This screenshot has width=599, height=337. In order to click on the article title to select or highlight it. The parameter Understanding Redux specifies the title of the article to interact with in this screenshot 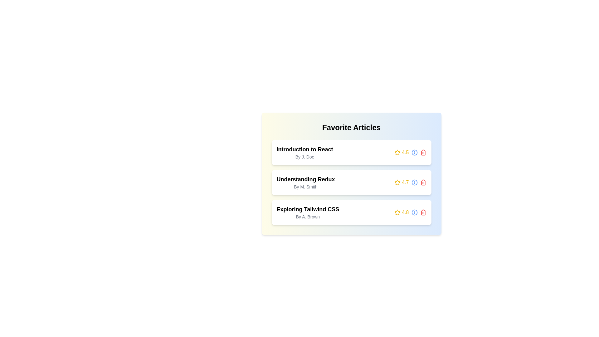, I will do `click(305, 179)`.